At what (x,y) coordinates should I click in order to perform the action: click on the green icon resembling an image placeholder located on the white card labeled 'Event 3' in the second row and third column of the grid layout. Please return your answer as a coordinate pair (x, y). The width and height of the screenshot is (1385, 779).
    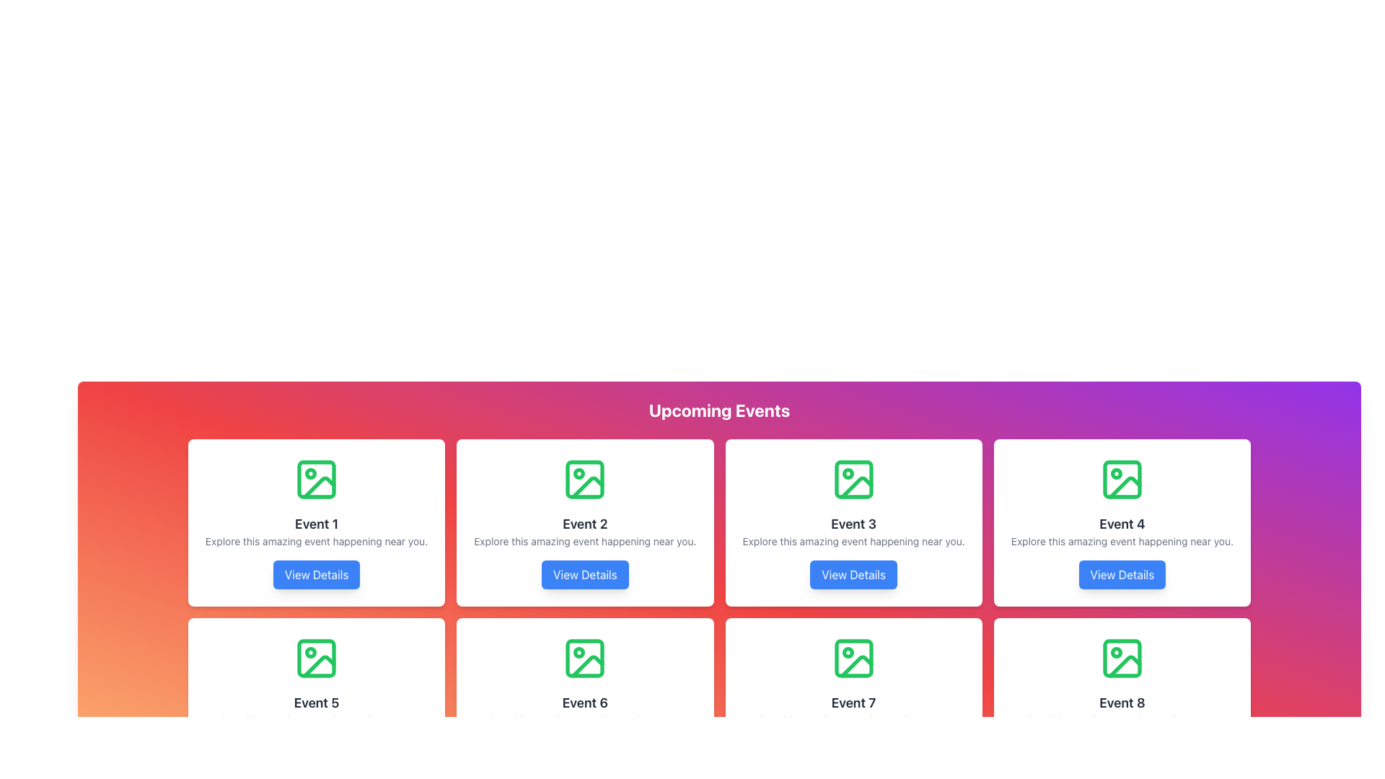
    Looking at the image, I should click on (853, 479).